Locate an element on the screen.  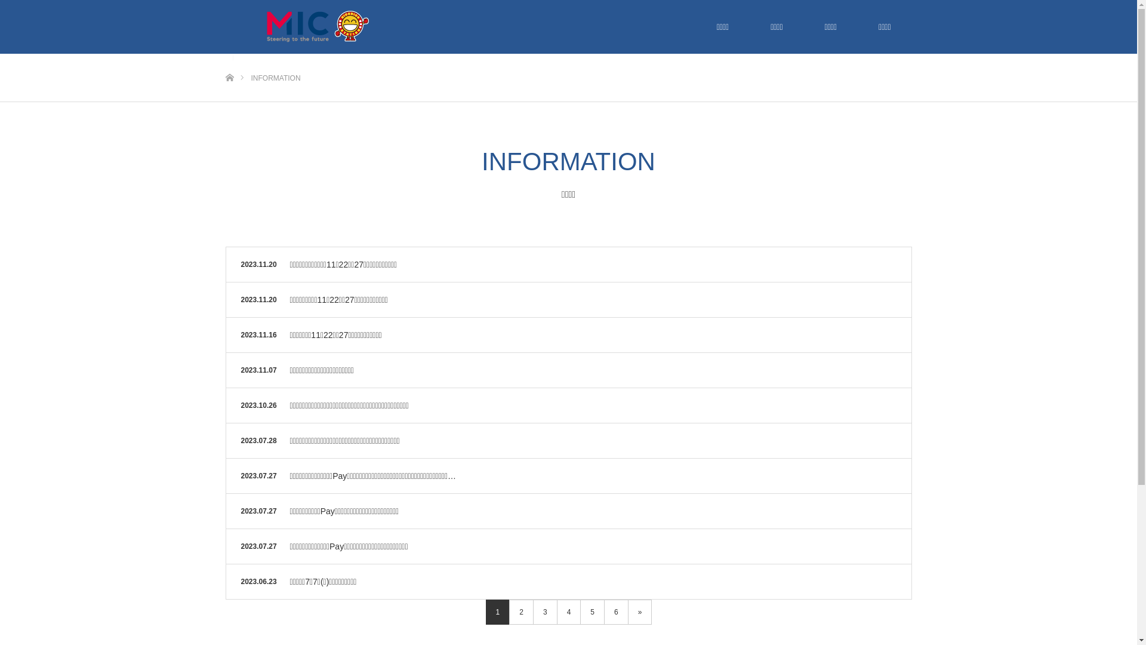
'4' is located at coordinates (568, 612).